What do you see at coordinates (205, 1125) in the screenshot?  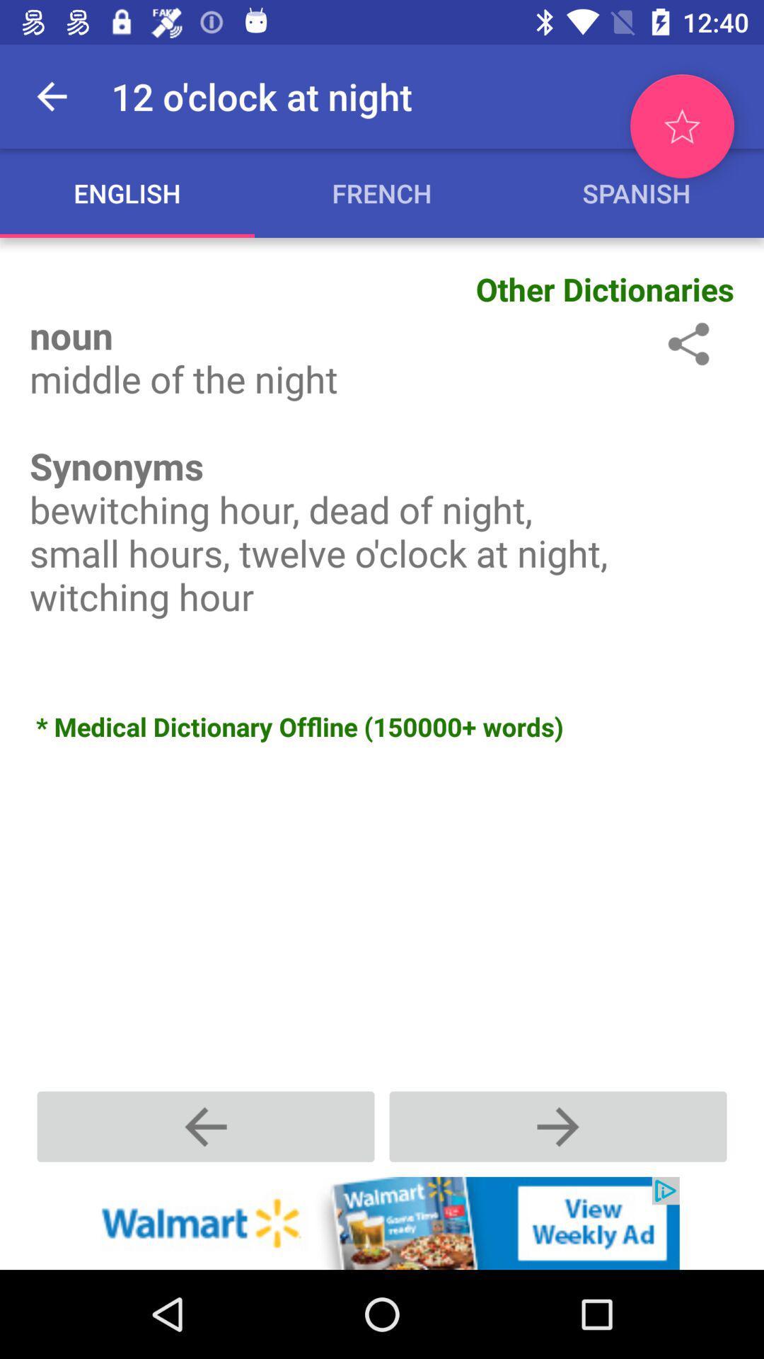 I see `go back` at bounding box center [205, 1125].